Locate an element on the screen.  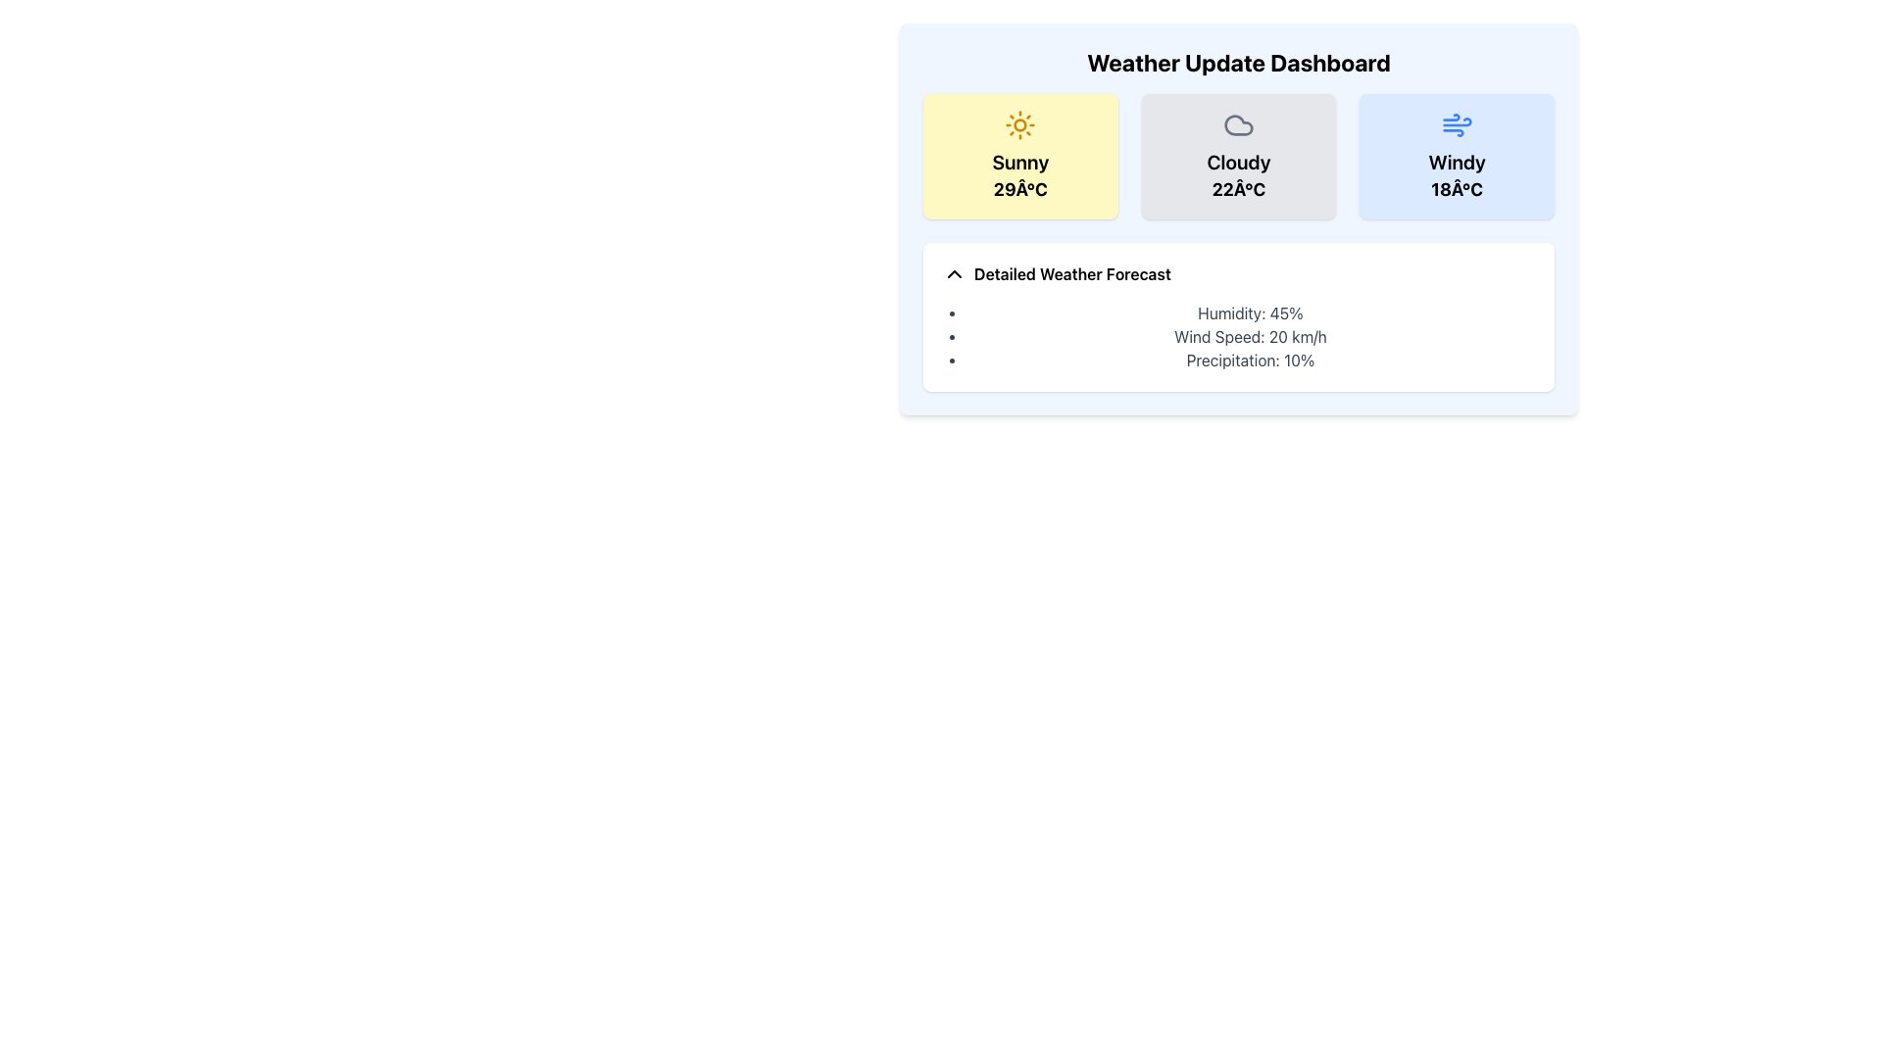
the upward-pointing chevron icon located to the left of the 'Detailed Weather Forecast' text is located at coordinates (955, 274).